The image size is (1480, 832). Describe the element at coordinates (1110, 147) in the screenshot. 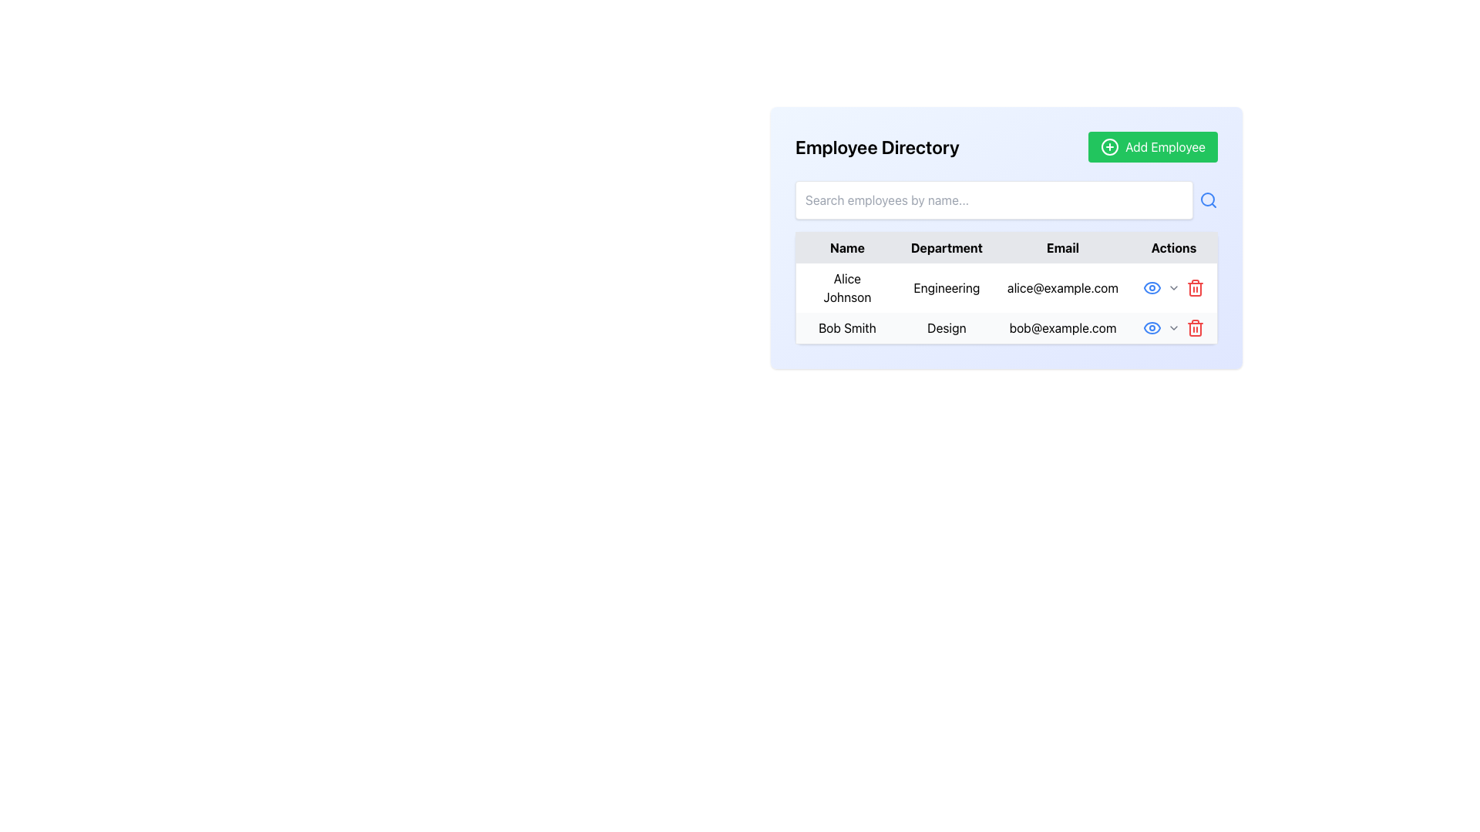

I see `the circular icon with a green stroke and a plus symbol, which is part of the 'Add Employee' button at the top-right corner of the layout` at that location.